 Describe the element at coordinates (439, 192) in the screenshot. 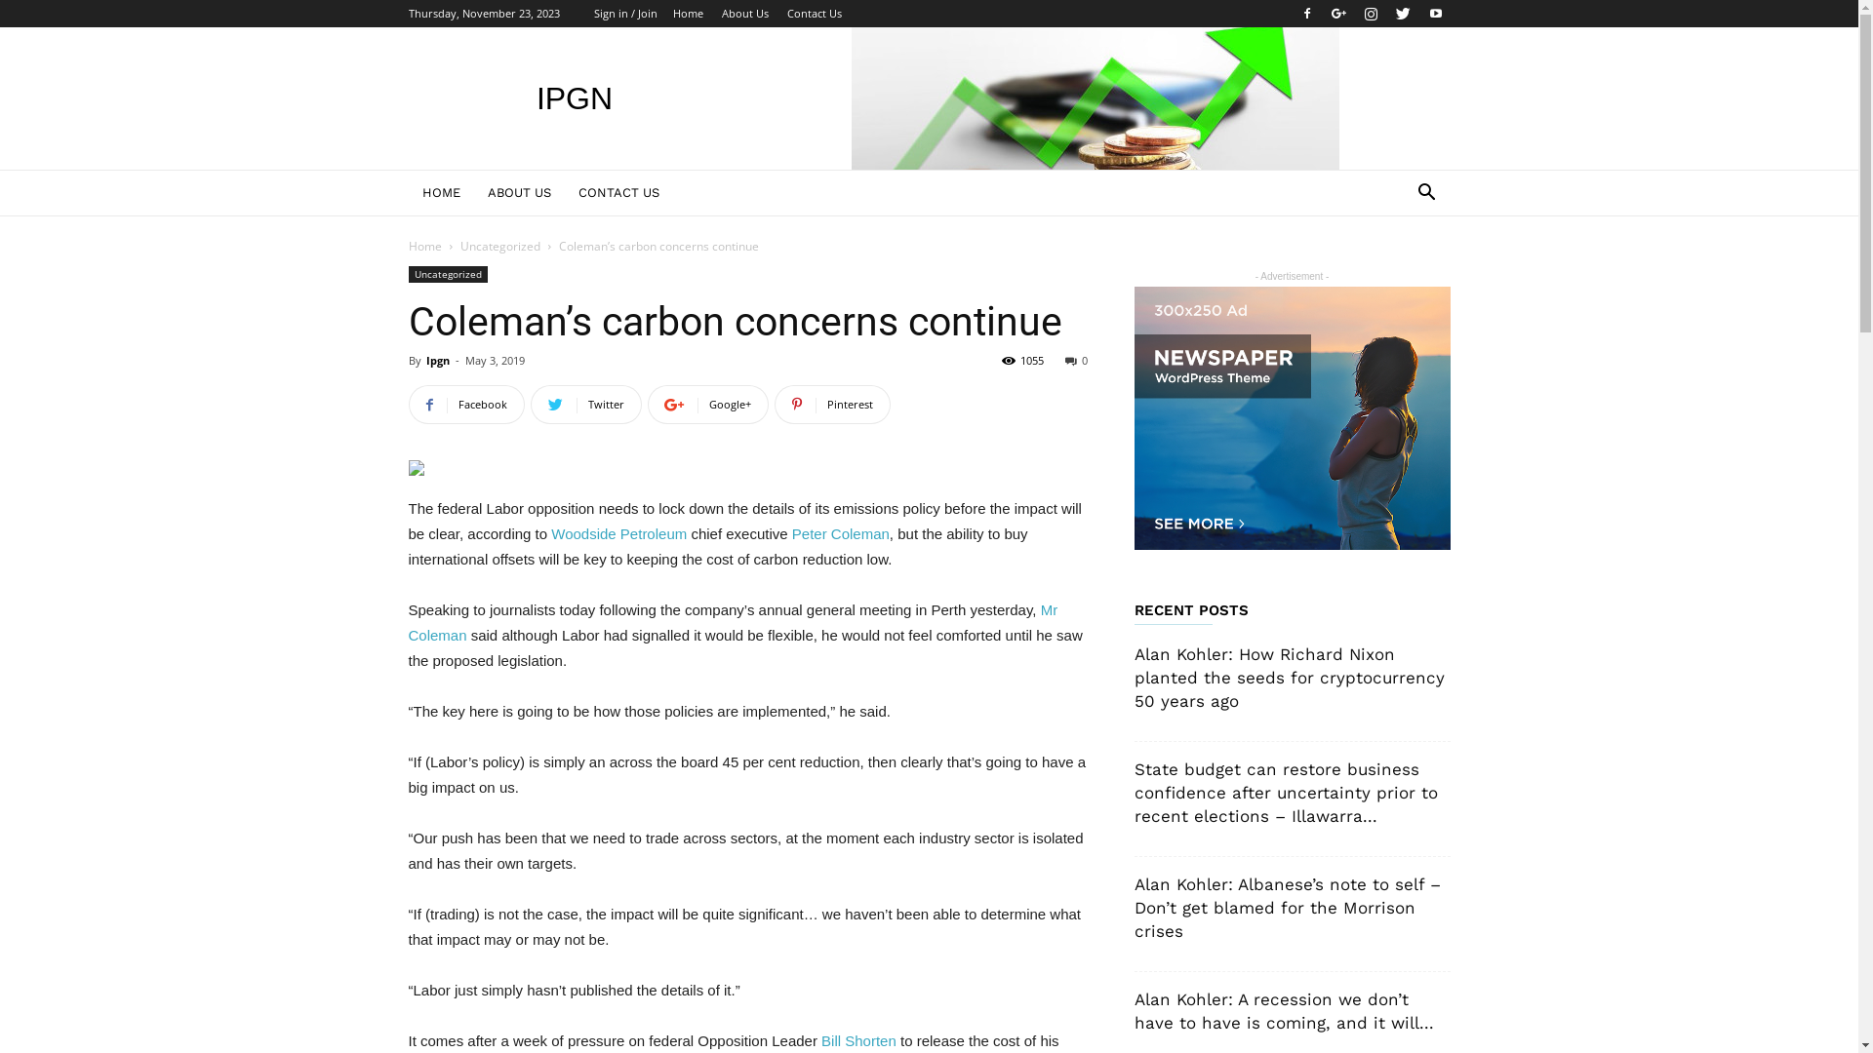

I see `'HOME'` at that location.